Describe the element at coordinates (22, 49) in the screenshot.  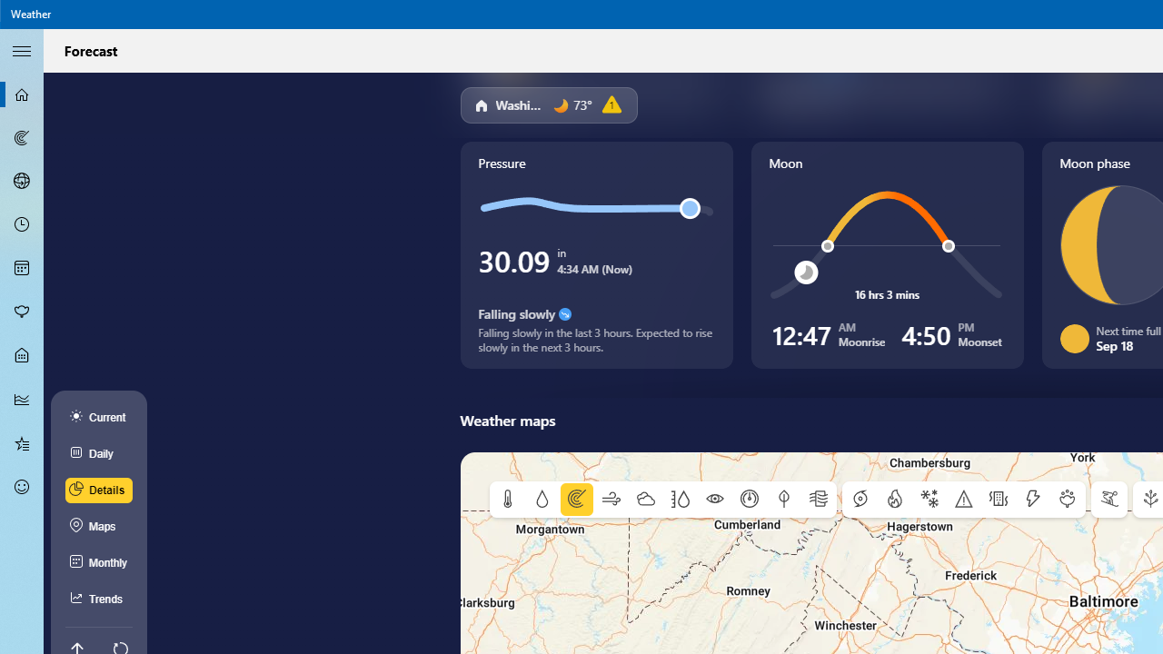
I see `'Collapse Navigation'` at that location.